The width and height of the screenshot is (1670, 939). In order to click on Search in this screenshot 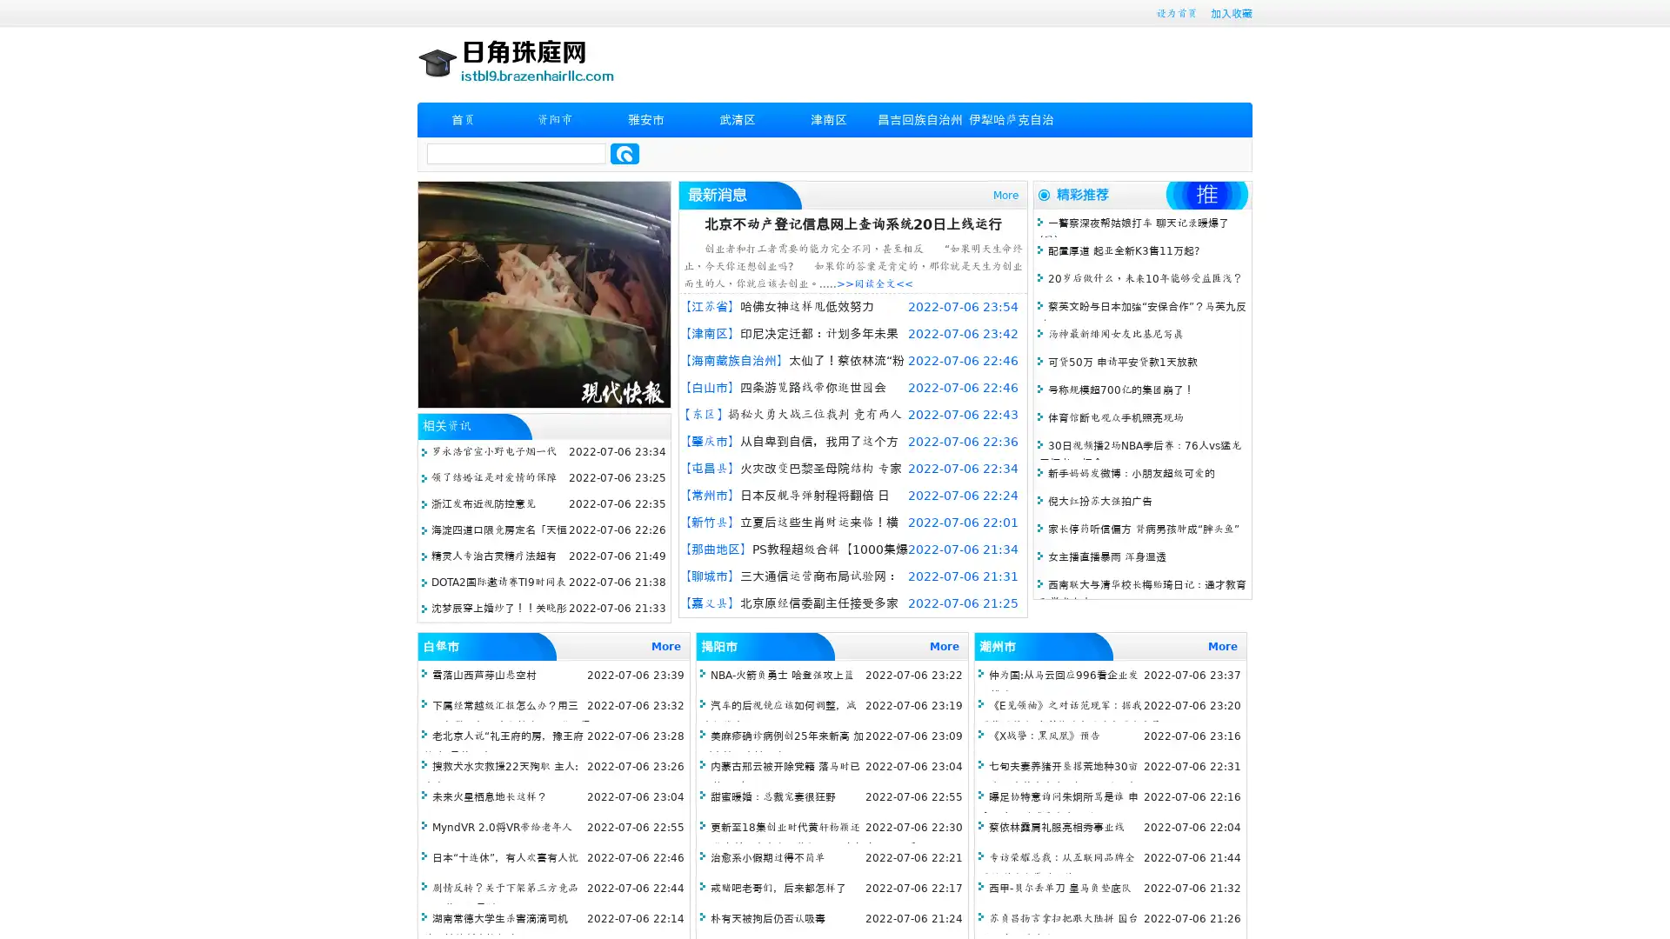, I will do `click(625, 153)`.